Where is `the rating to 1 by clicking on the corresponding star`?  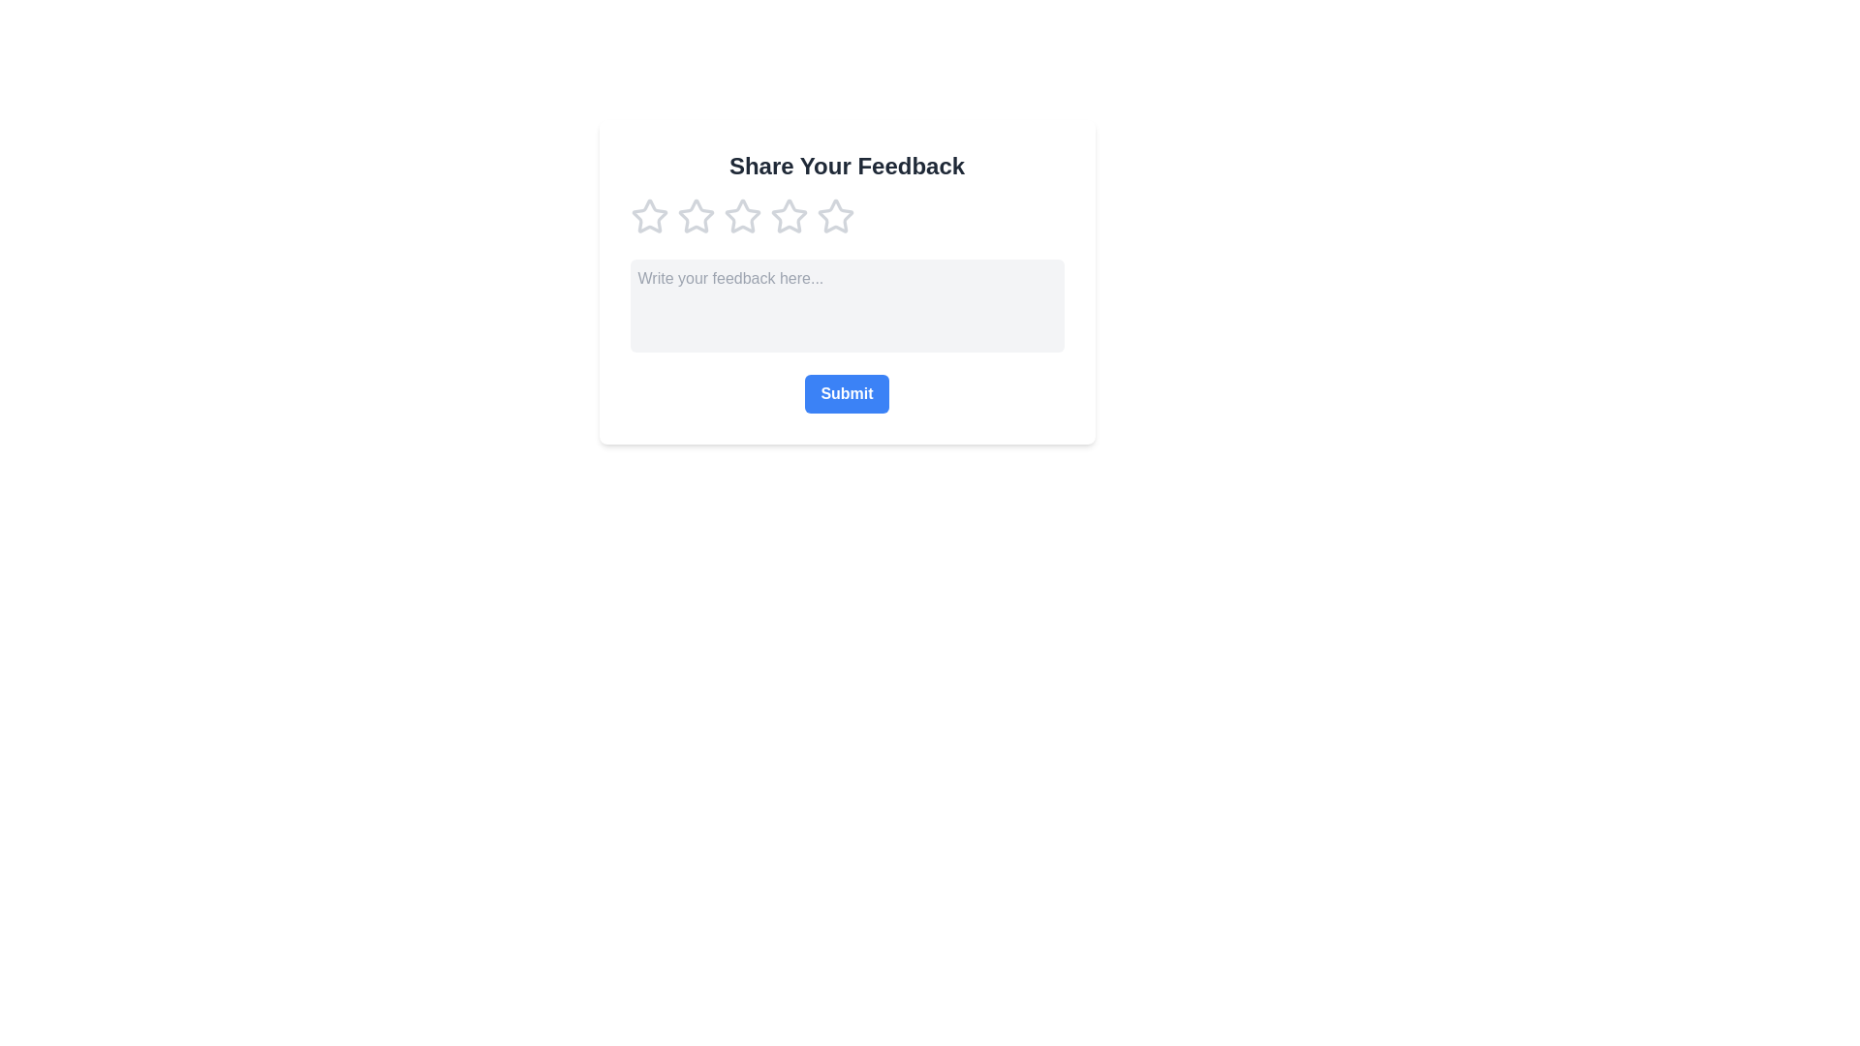
the rating to 1 by clicking on the corresponding star is located at coordinates (649, 216).